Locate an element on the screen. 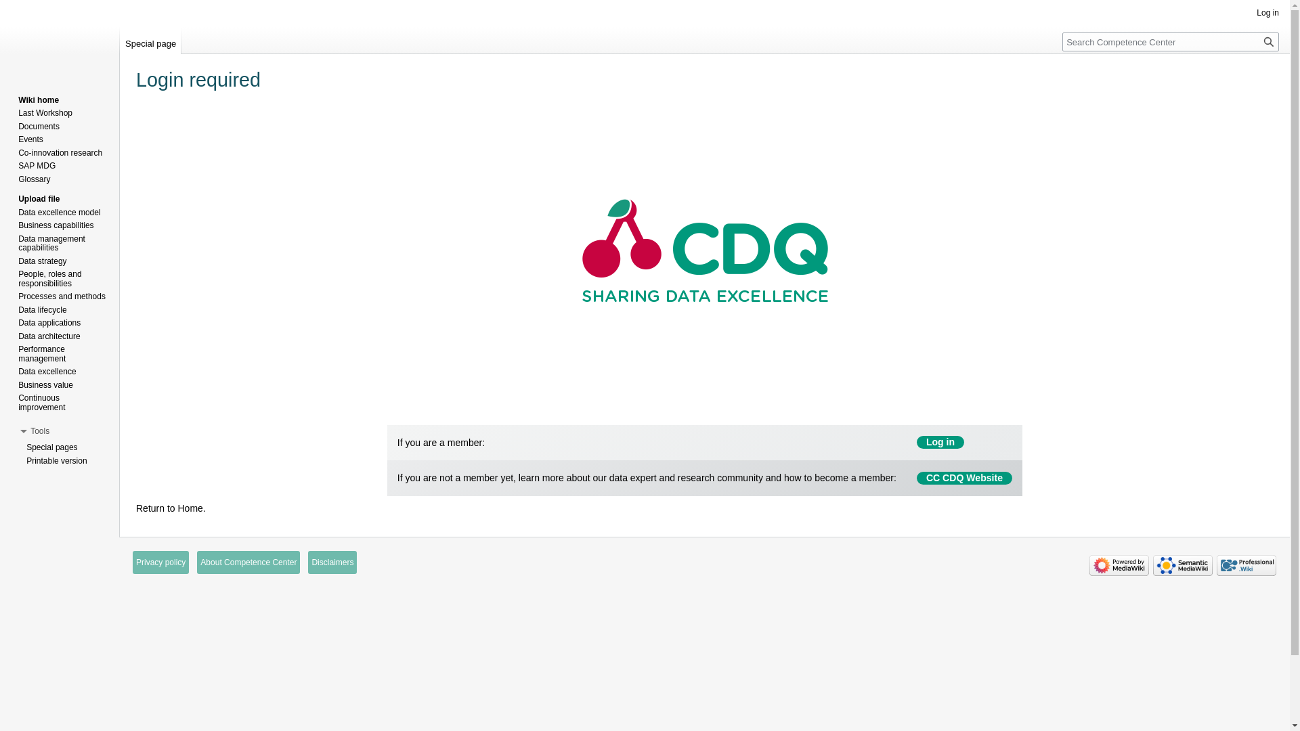  'Search the pages for this text' is located at coordinates (1267, 41).